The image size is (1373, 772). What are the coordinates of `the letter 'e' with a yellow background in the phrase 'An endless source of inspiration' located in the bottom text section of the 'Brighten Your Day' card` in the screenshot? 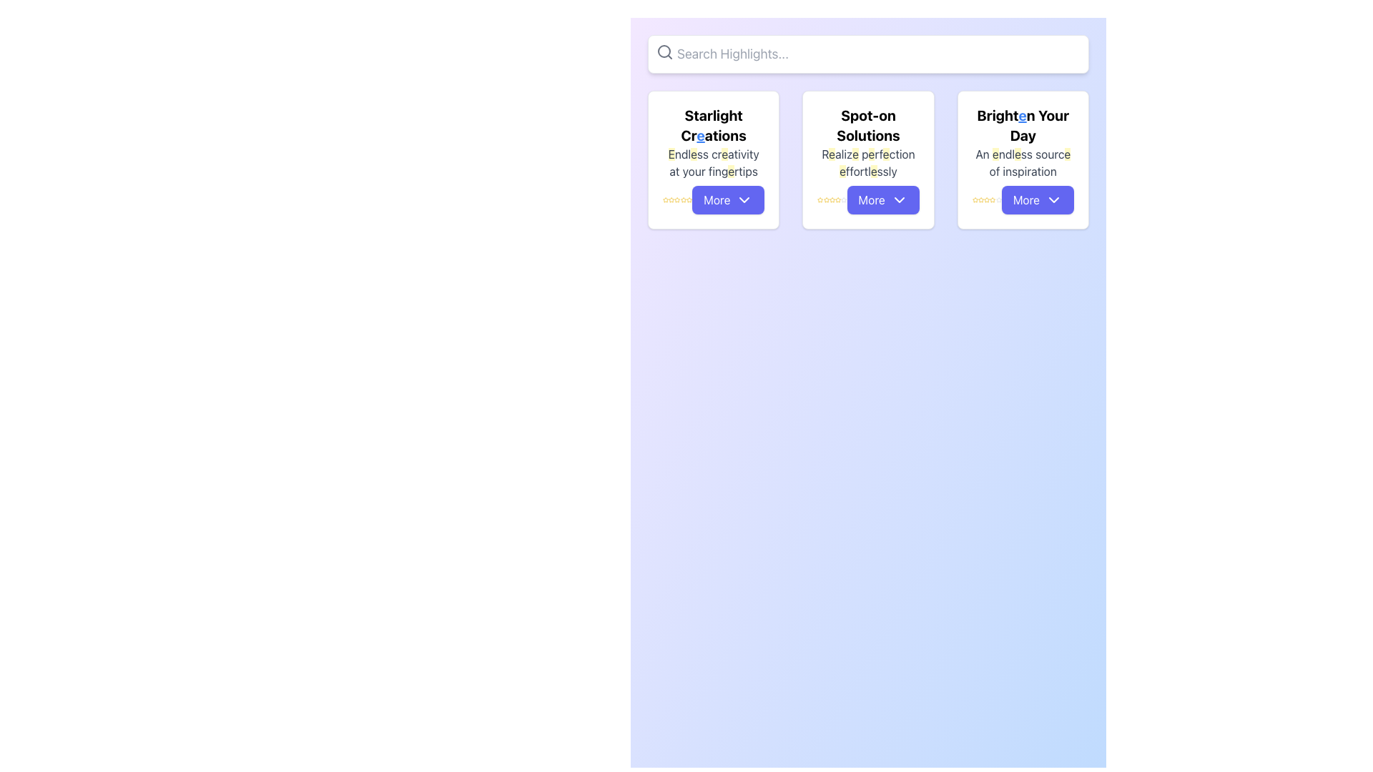 It's located at (1067, 154).